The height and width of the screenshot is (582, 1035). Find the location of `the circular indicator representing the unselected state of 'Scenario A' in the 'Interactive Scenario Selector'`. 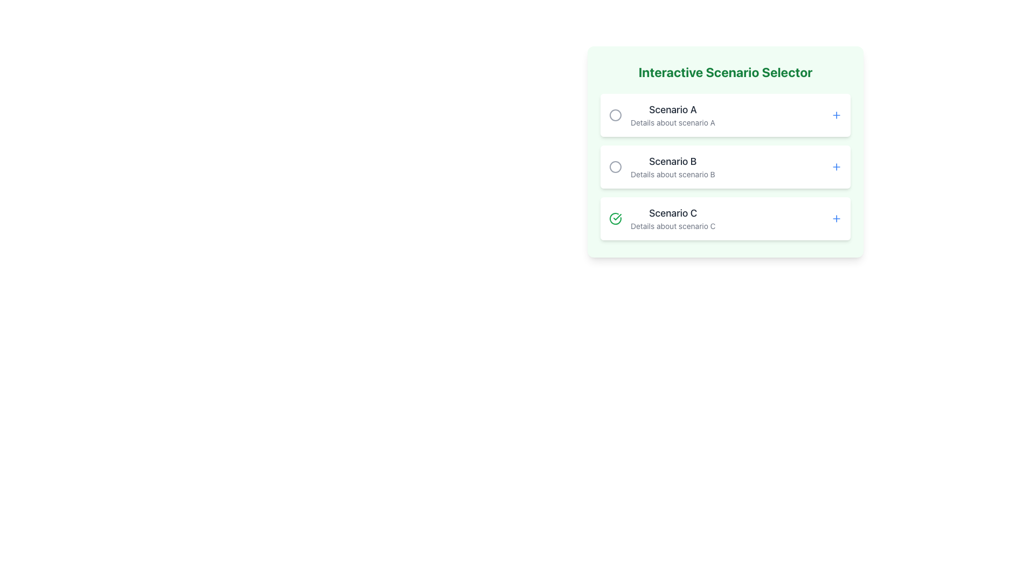

the circular indicator representing the unselected state of 'Scenario A' in the 'Interactive Scenario Selector' is located at coordinates (616, 115).